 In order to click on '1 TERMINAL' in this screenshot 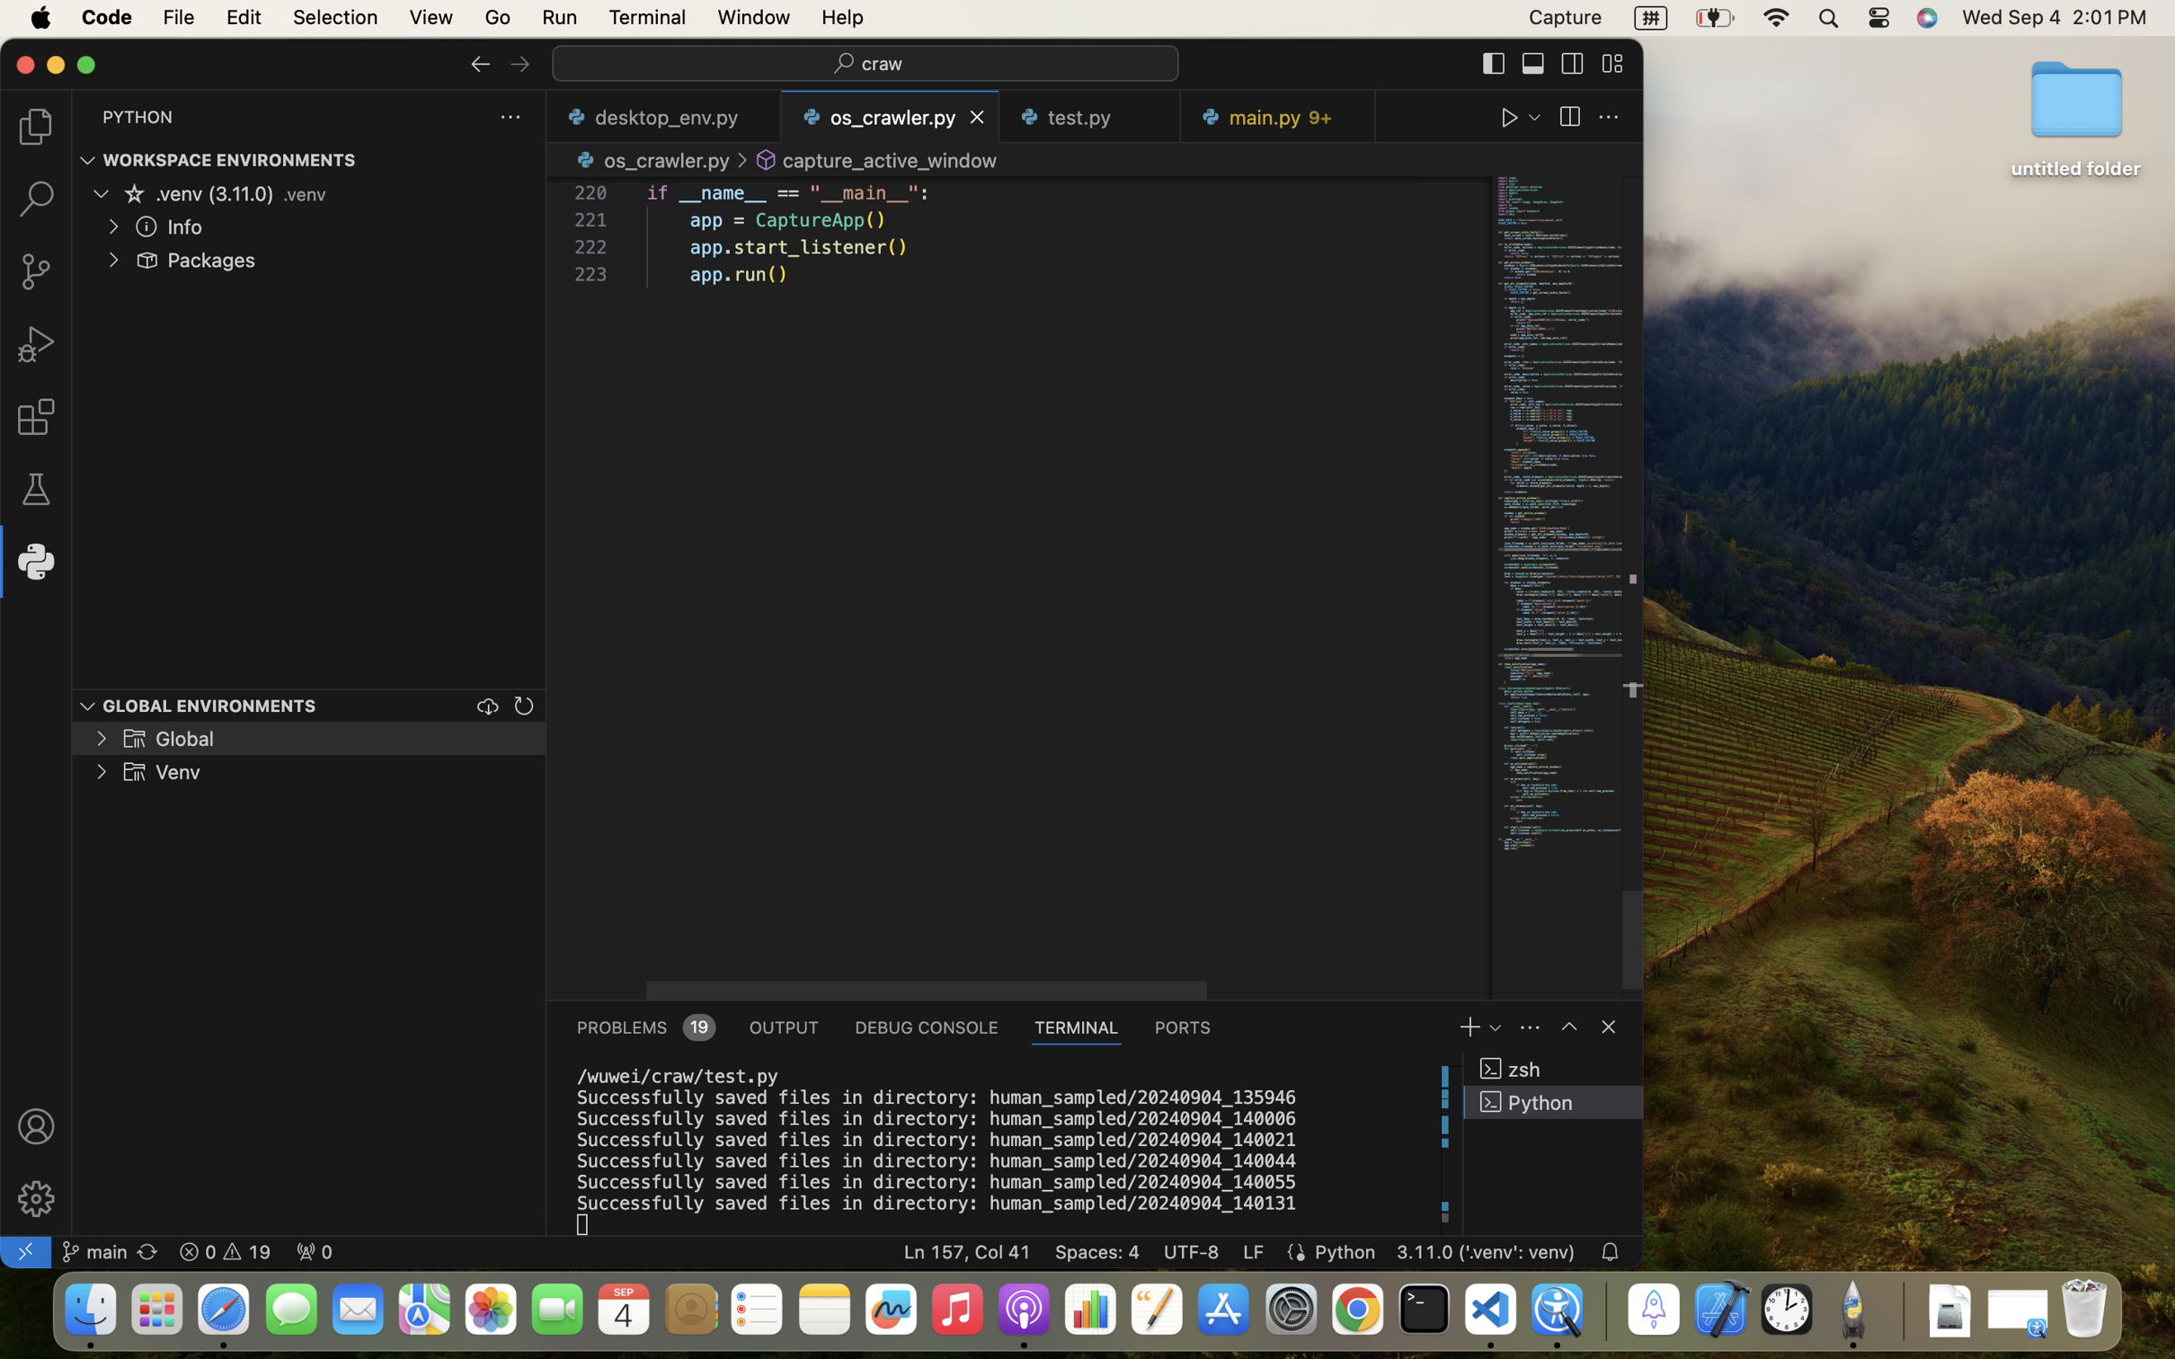, I will do `click(1076, 1026)`.